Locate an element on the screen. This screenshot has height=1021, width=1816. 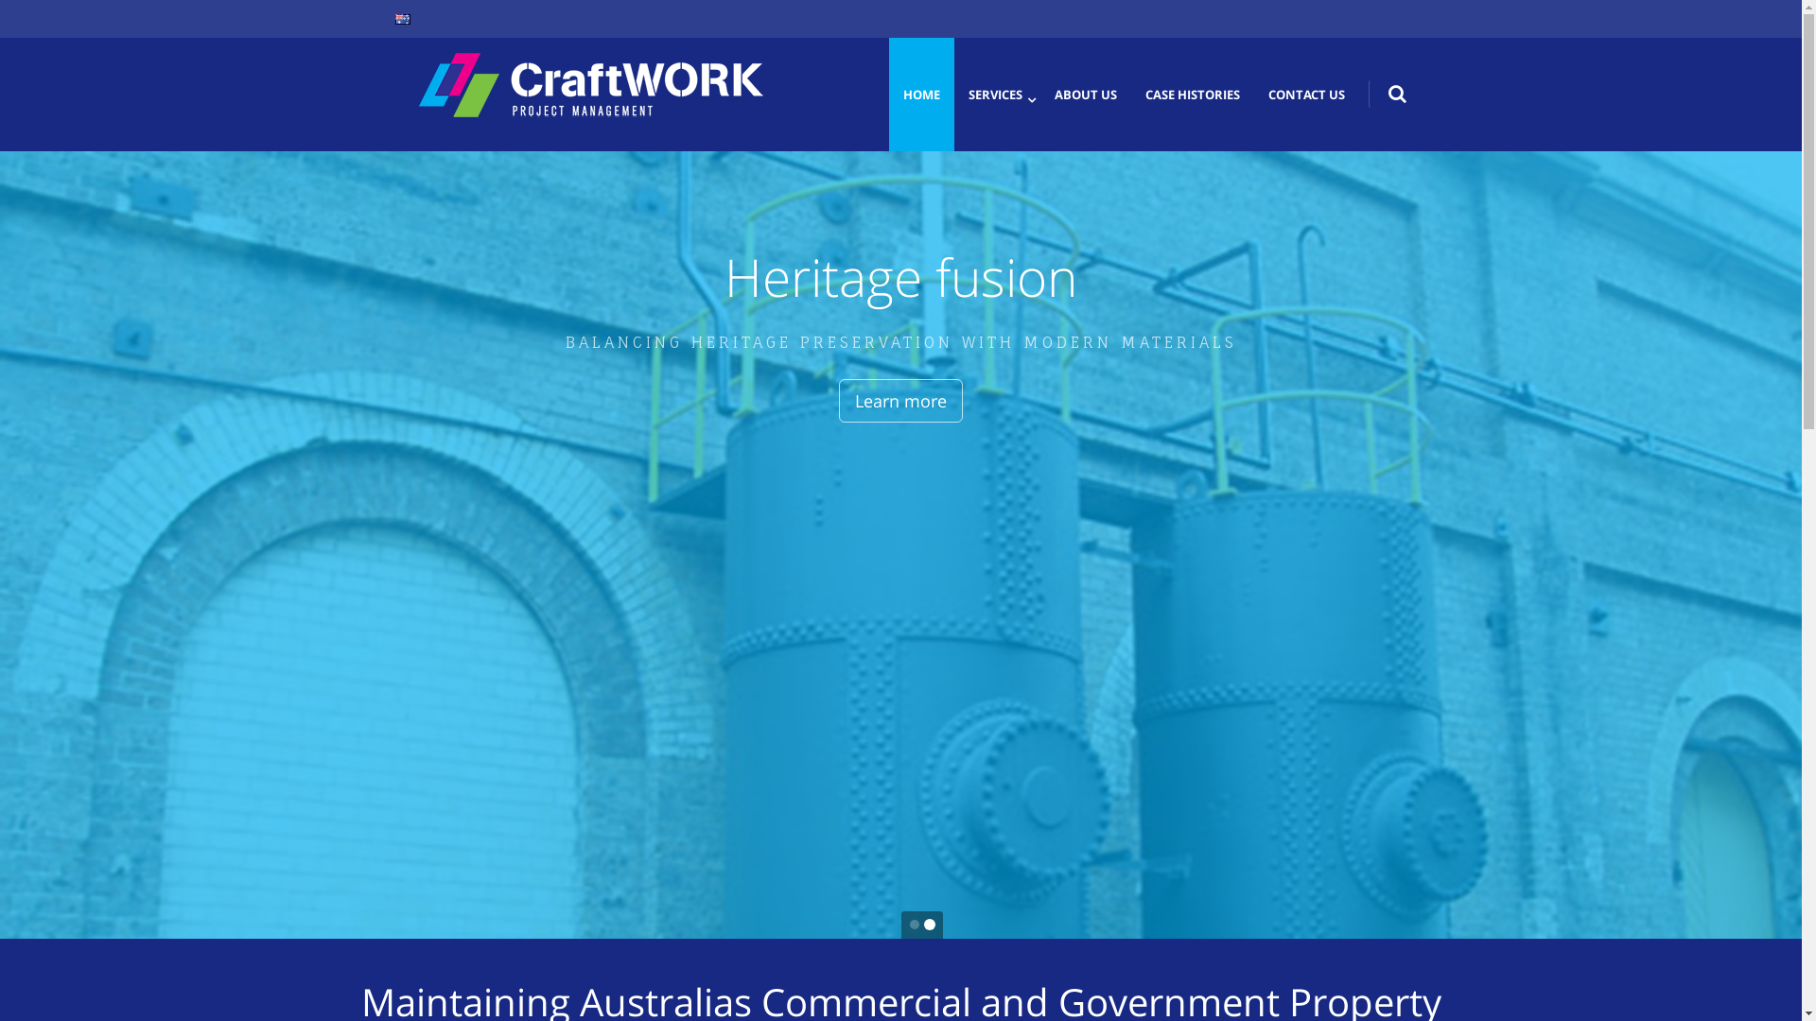
'CASE HISTORIES' is located at coordinates (1192, 95).